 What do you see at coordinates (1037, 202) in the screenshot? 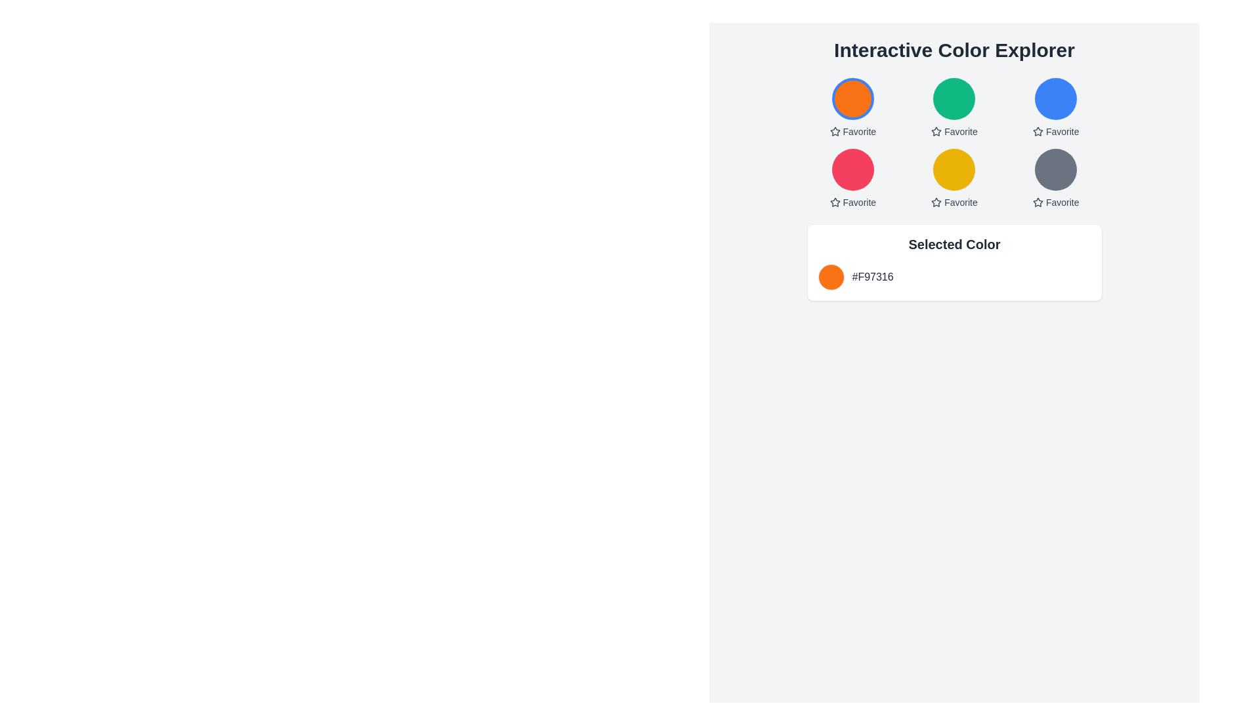
I see `the 'Favorite' icon located below the sixth color swatch (gray) in the 'Interactive Color Explorer'` at bounding box center [1037, 202].